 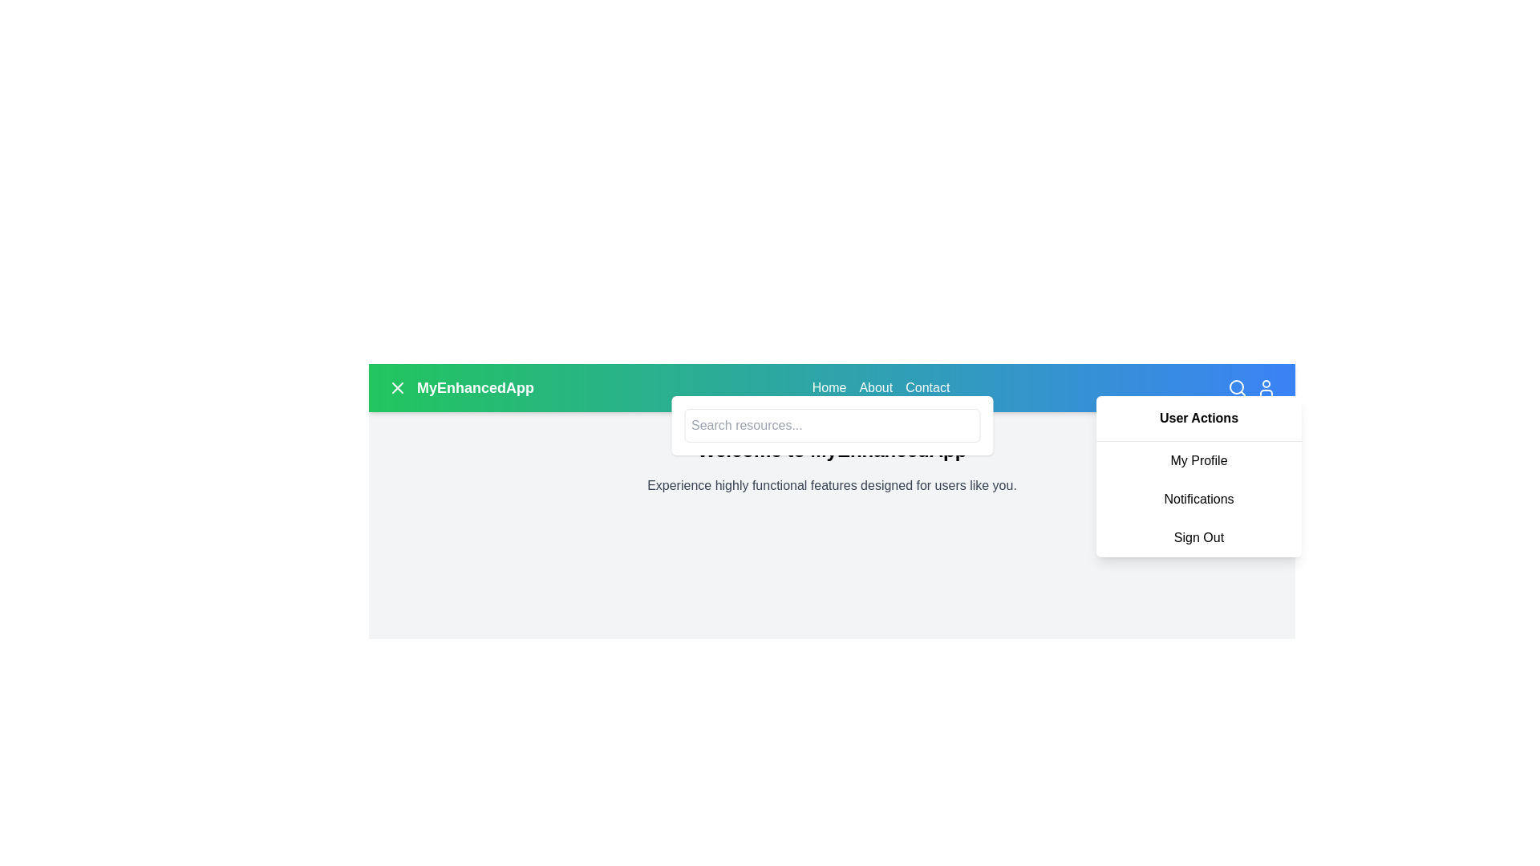 What do you see at coordinates (829, 387) in the screenshot?
I see `the navigation link located in the header, which is the first option in the horizontal menu` at bounding box center [829, 387].